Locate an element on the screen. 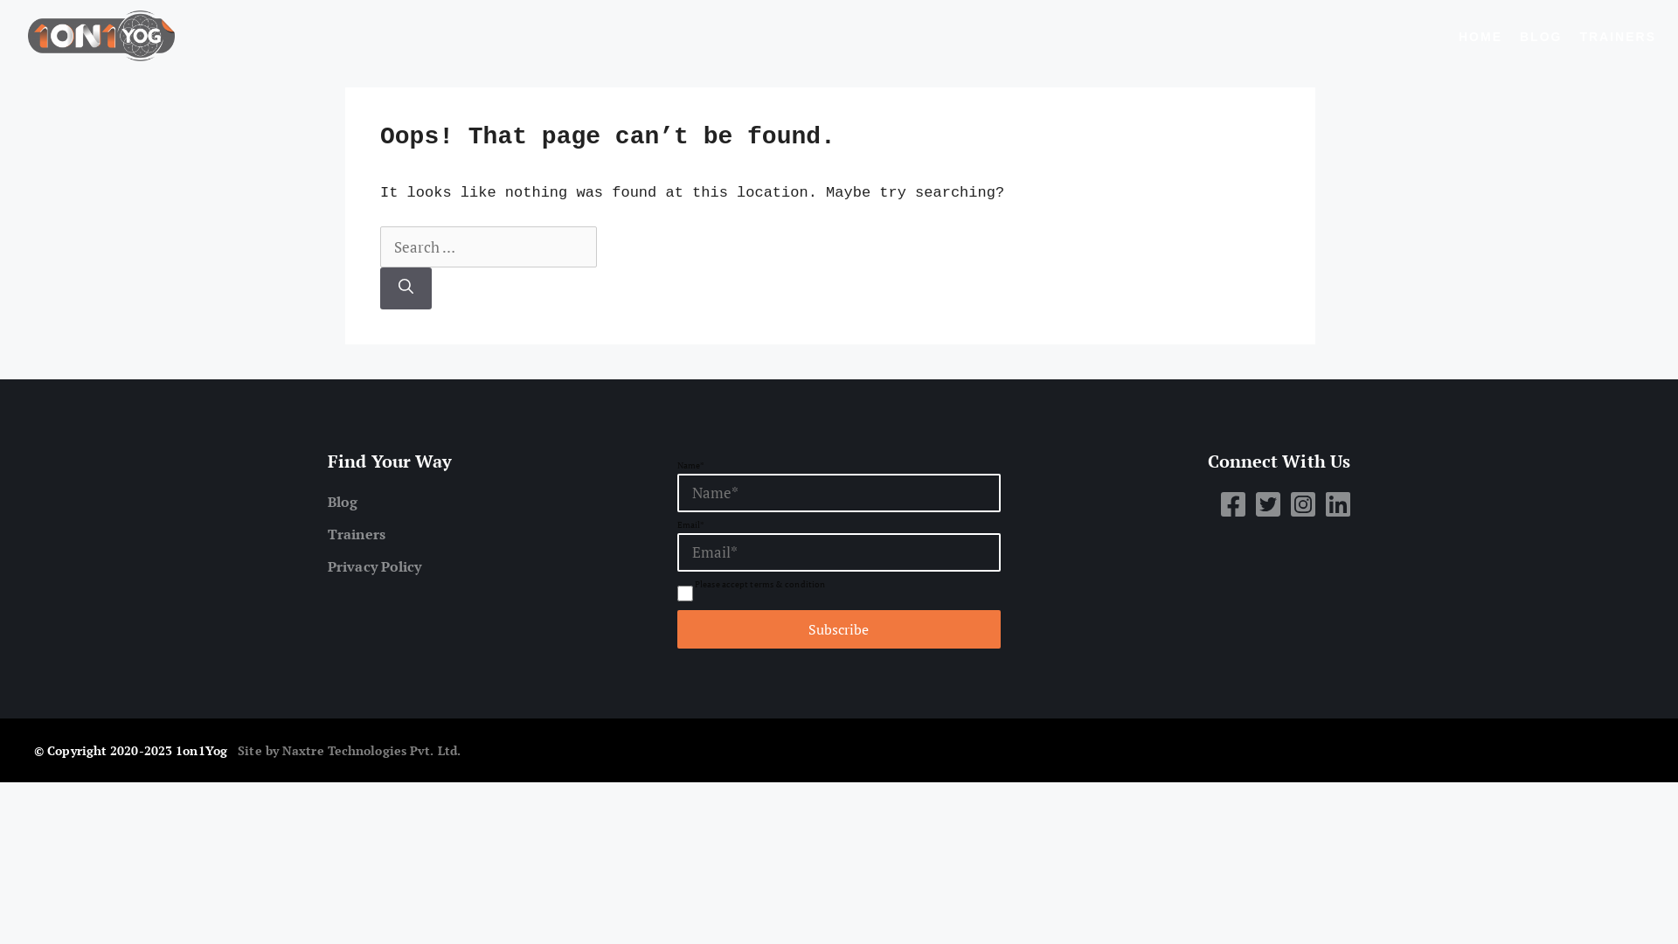  'TRAINERS' is located at coordinates (1617, 37).